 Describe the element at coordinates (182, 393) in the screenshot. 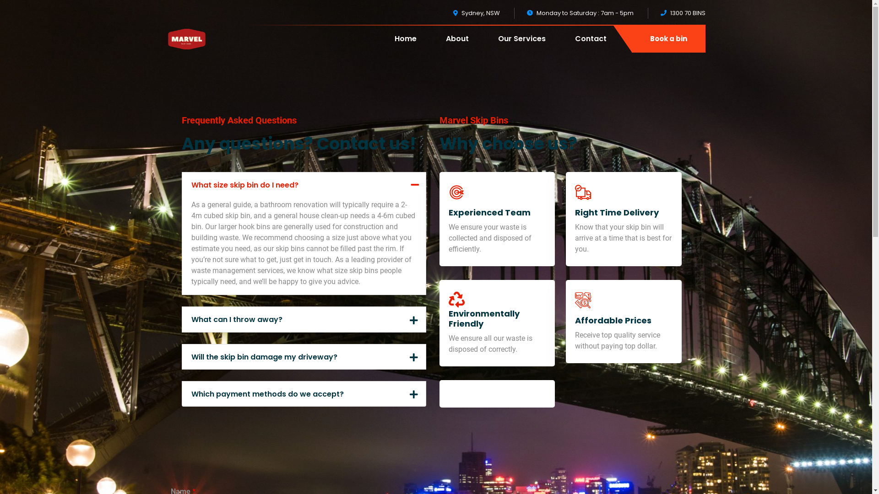

I see `'Which payment methods do we accept?'` at that location.